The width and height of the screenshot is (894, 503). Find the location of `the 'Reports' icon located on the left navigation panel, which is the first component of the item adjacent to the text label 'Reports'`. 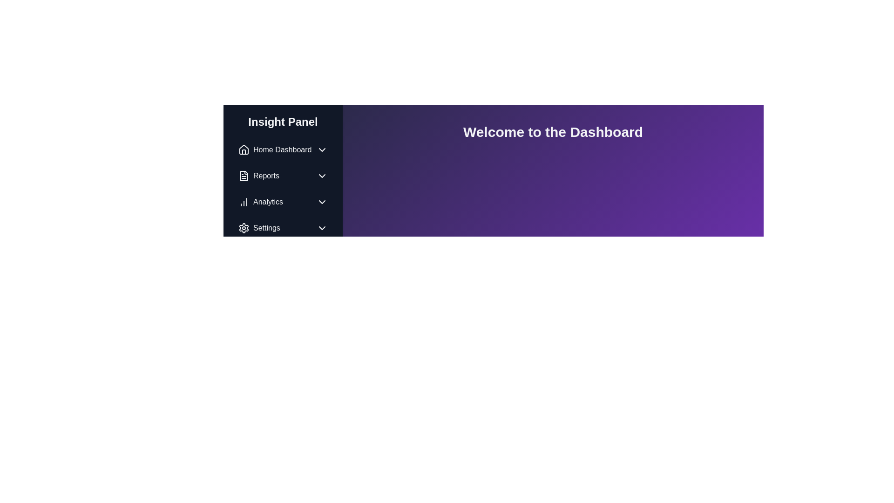

the 'Reports' icon located on the left navigation panel, which is the first component of the item adjacent to the text label 'Reports' is located at coordinates (244, 176).